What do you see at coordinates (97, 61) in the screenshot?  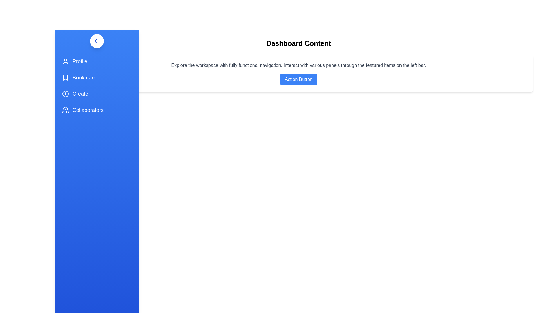 I see `the navigation item Profile to navigate to the respective section` at bounding box center [97, 61].